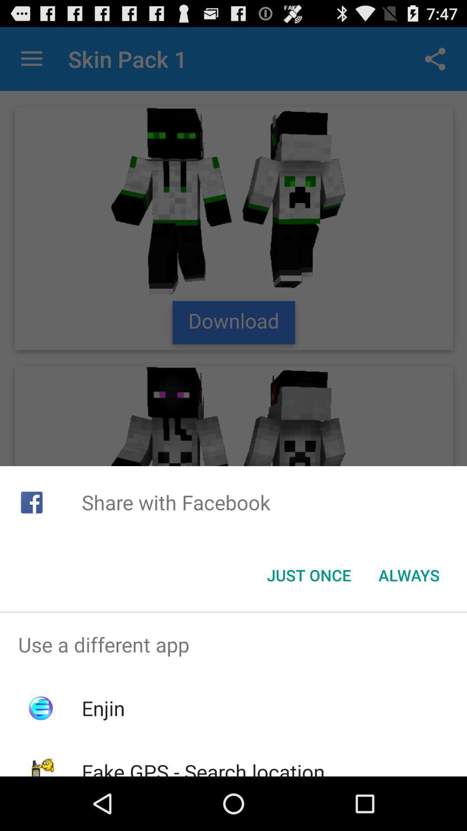  Describe the element at coordinates (409, 575) in the screenshot. I see `the always item` at that location.